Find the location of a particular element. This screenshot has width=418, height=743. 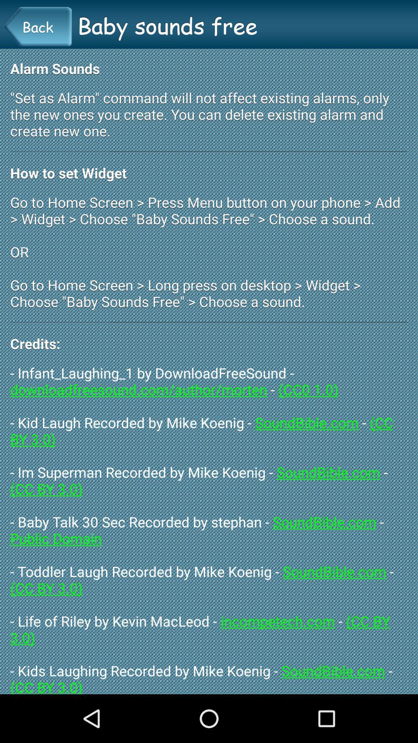

item above the alarm sounds item is located at coordinates (38, 27).